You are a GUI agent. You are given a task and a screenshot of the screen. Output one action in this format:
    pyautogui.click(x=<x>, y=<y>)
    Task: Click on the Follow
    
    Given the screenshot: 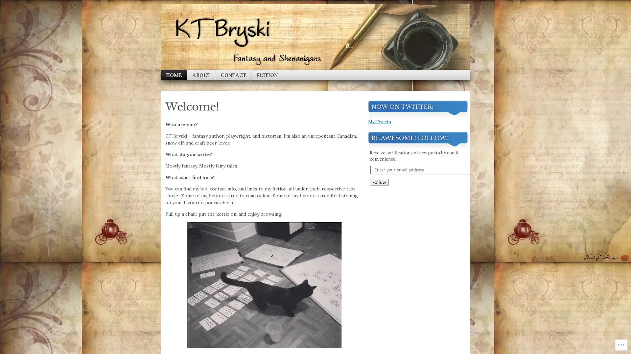 What is the action you would take?
    pyautogui.click(x=379, y=313)
    